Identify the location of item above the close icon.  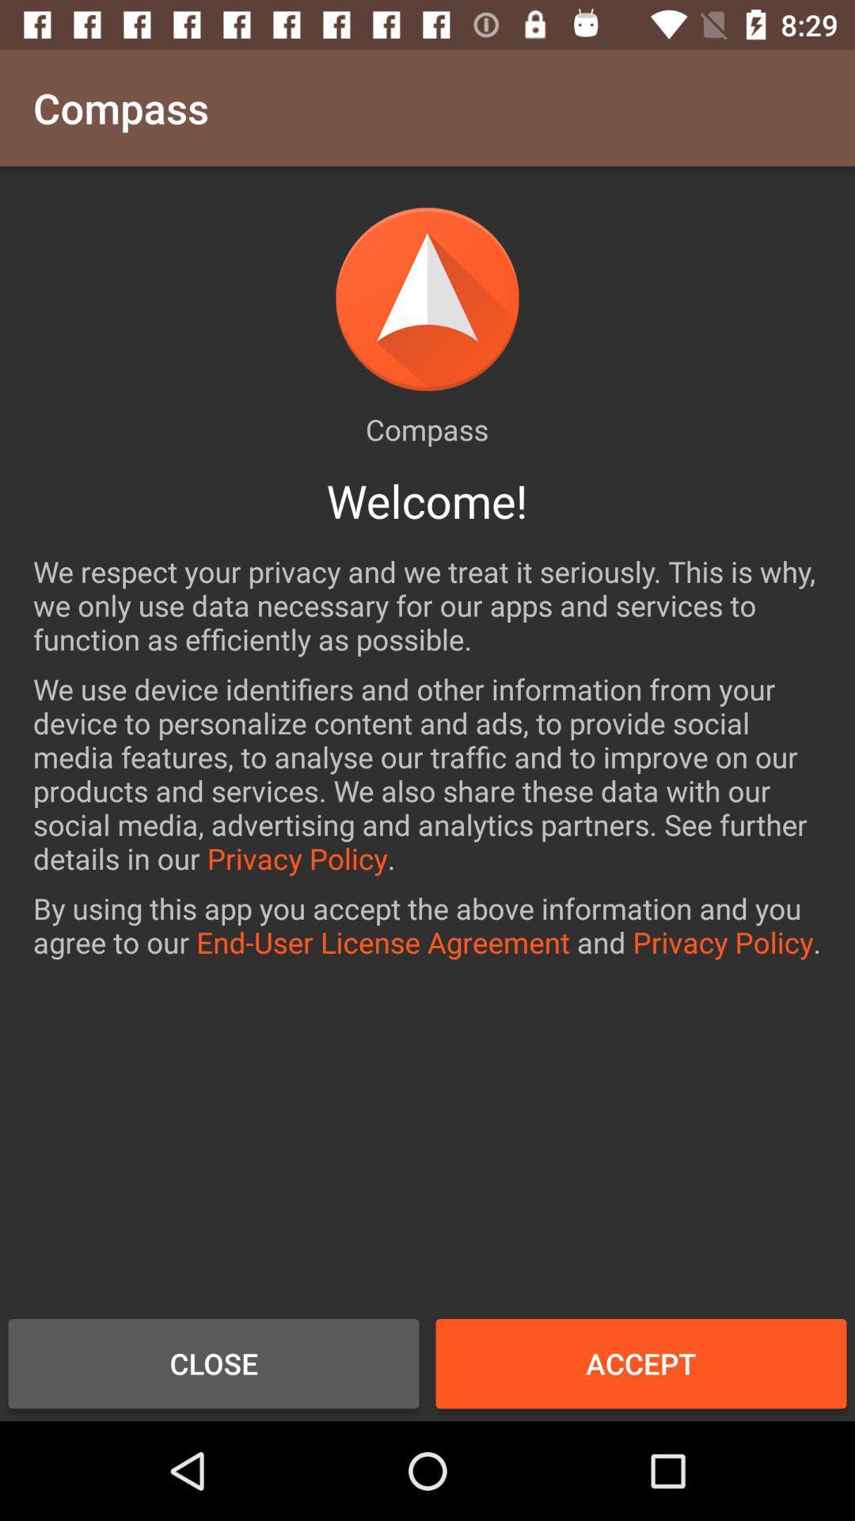
(427, 925).